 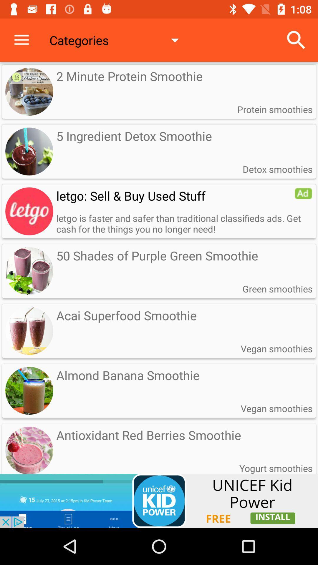 What do you see at coordinates (159, 501) in the screenshot?
I see `link to install an app` at bounding box center [159, 501].